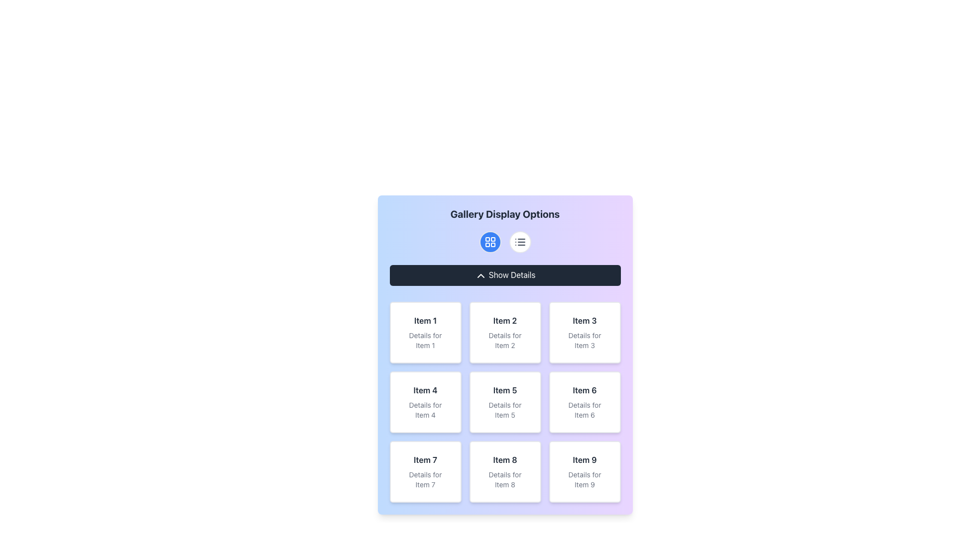  What do you see at coordinates (425, 479) in the screenshot?
I see `the text label 'Details for Item 7' located at the bottom of the card for 'Item 7' in the third column of the third row` at bounding box center [425, 479].